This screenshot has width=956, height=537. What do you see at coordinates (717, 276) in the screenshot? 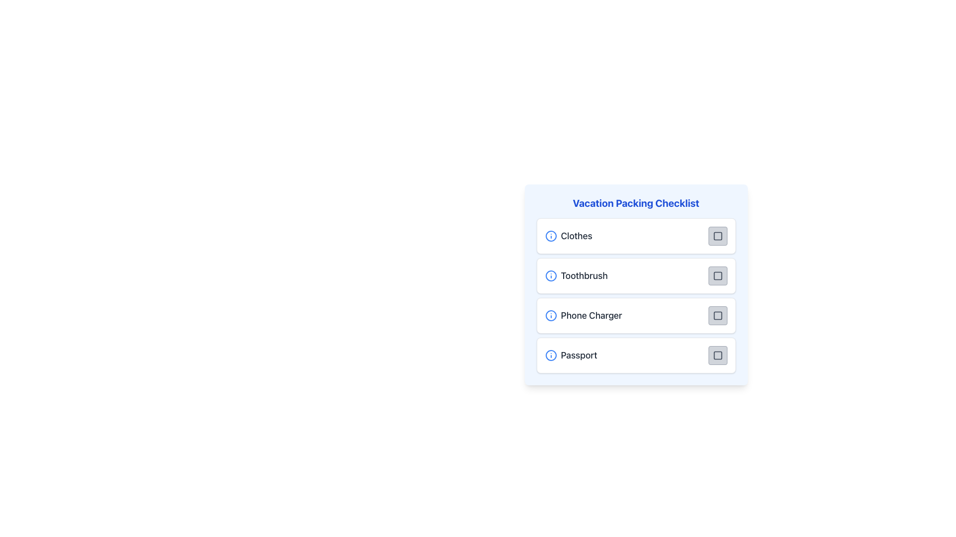
I see `the checkbox associated with 'Toothbrush' to mark the item as selected or completed` at bounding box center [717, 276].